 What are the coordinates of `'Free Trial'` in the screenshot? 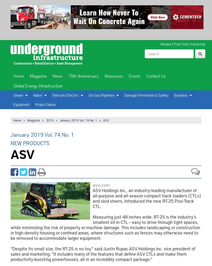 It's located at (181, 44).